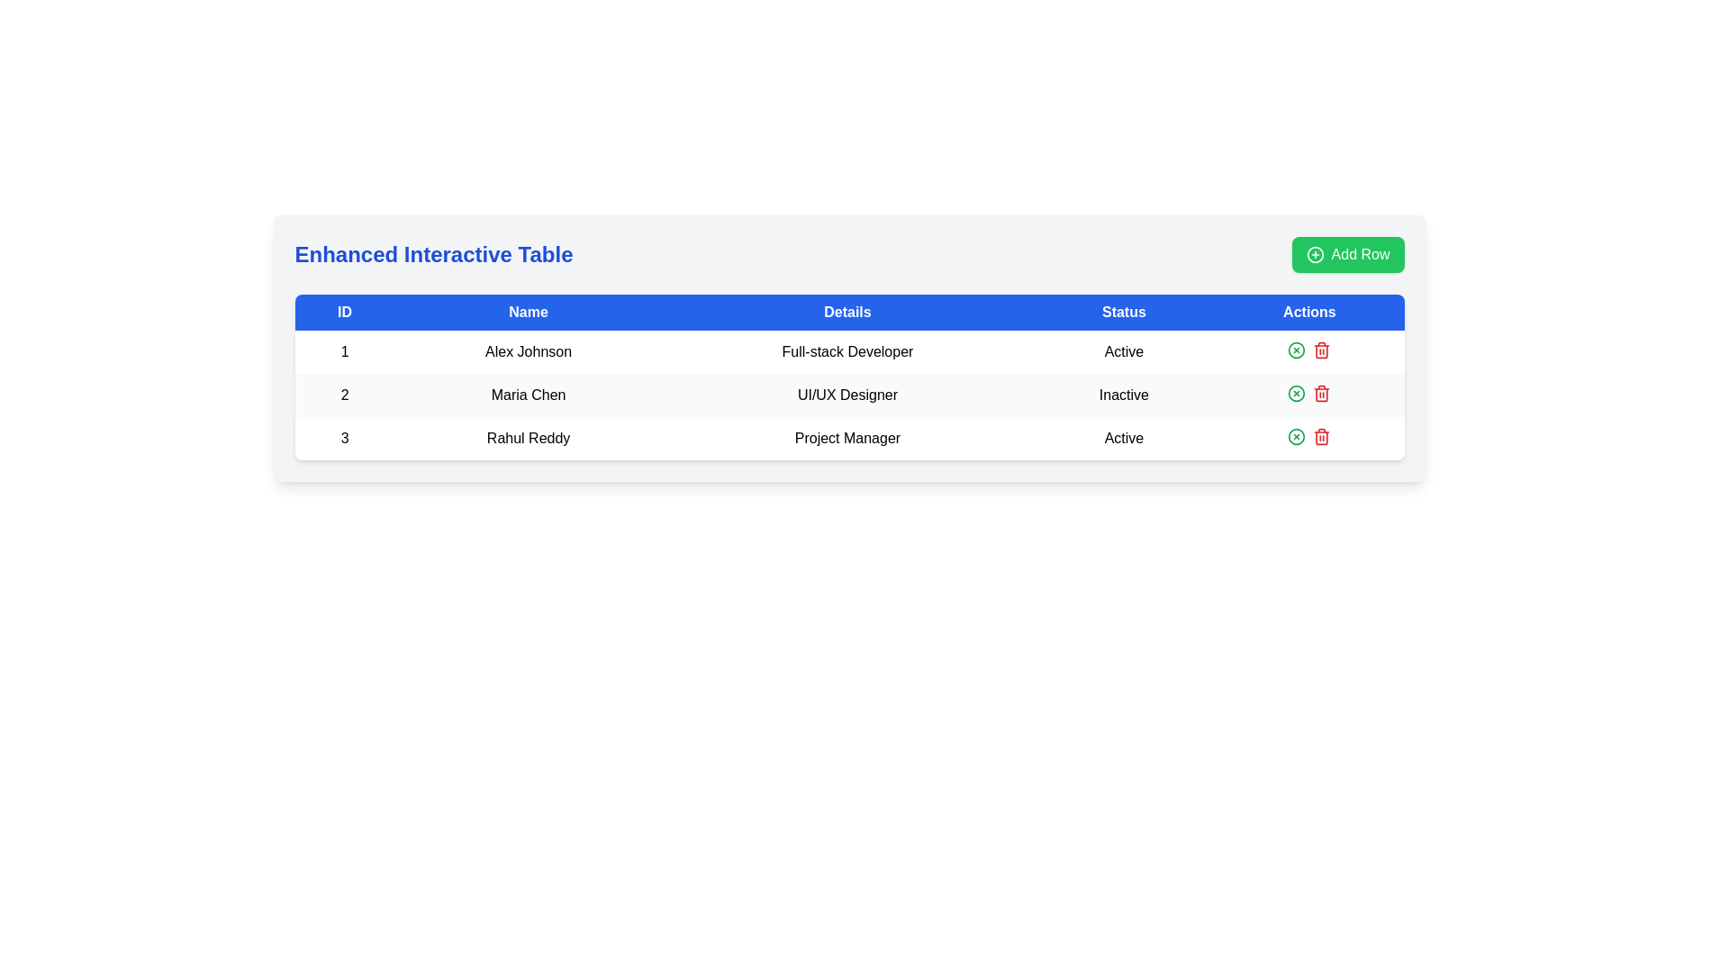 The width and height of the screenshot is (1729, 973). I want to click on the circular Icon button in the 'Actions' column of the second row of the 'Enhanced Interactive Table', so click(1297, 350).